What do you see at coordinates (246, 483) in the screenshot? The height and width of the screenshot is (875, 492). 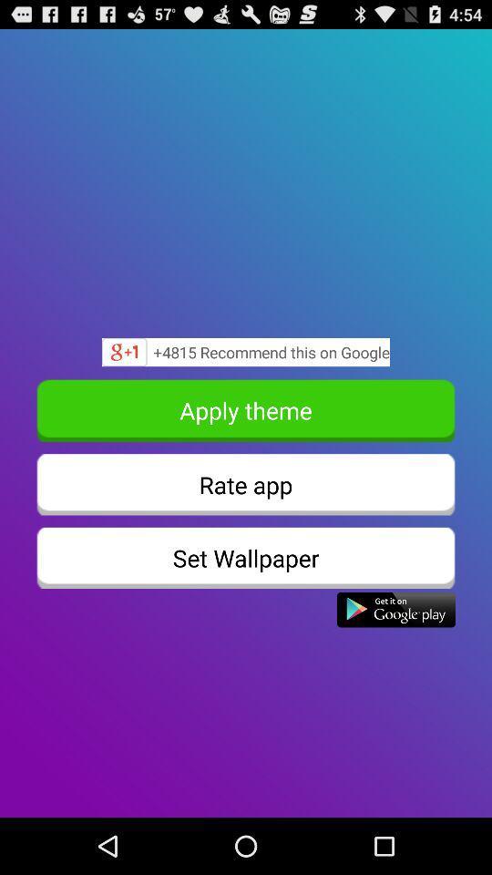 I see `the item below apply theme item` at bounding box center [246, 483].